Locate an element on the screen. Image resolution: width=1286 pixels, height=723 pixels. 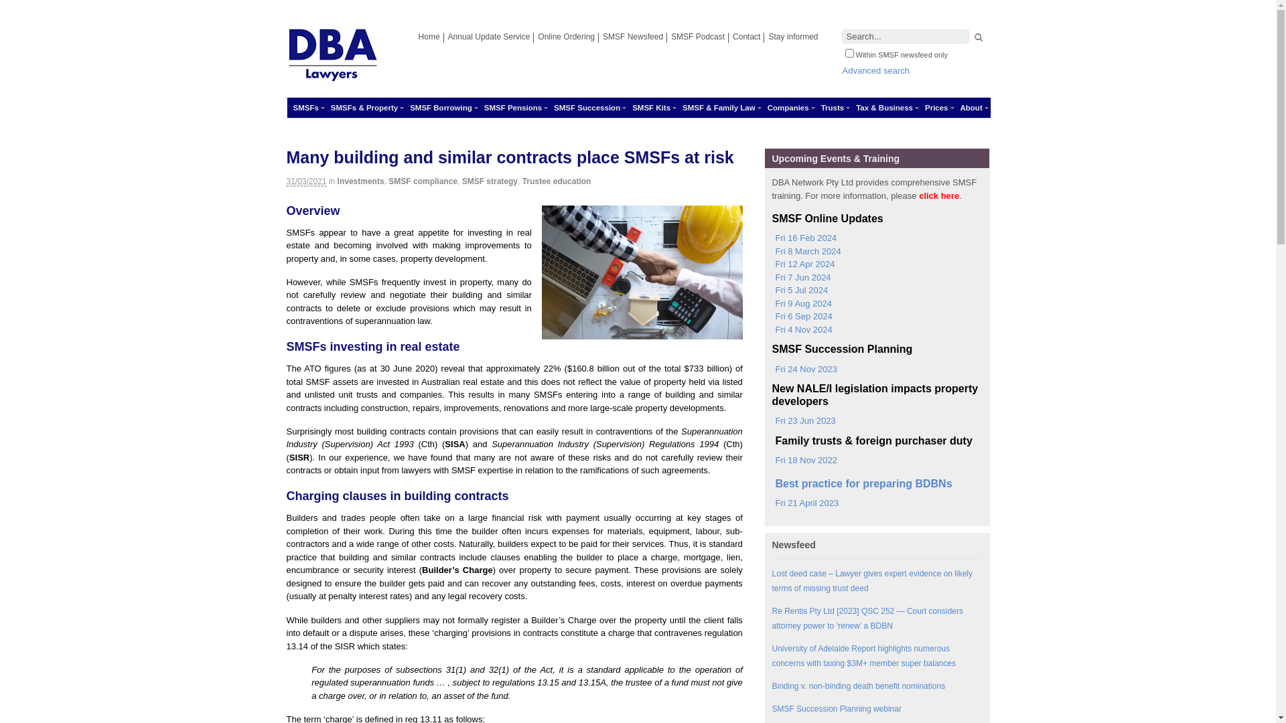
'Fri 18 Nov 2022' is located at coordinates (772, 459).